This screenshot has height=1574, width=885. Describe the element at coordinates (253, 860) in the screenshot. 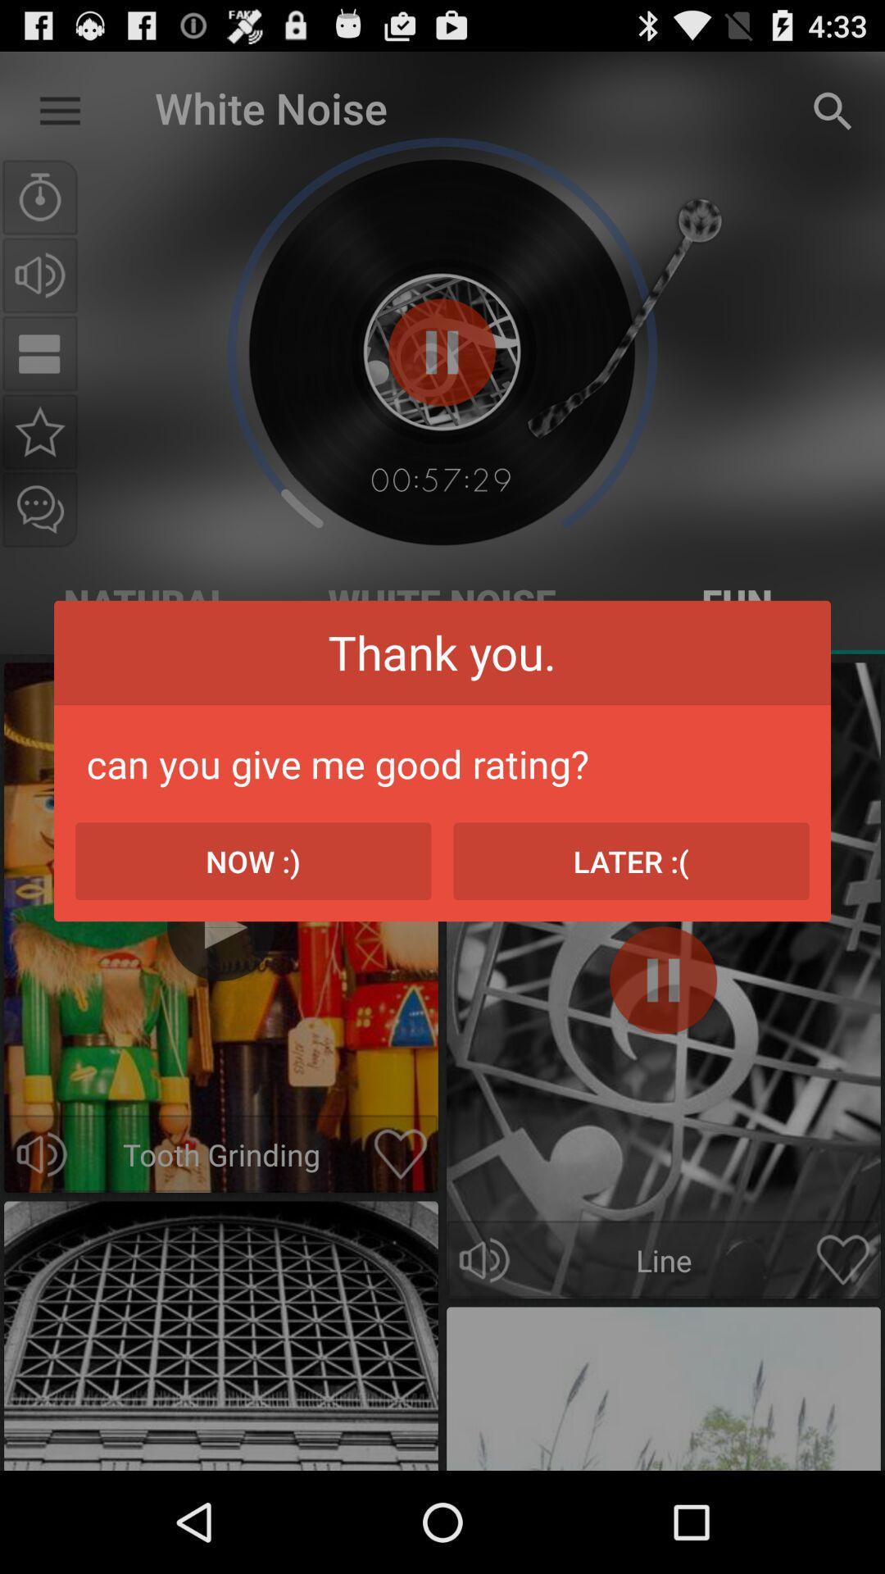

I see `the icon on the left` at that location.